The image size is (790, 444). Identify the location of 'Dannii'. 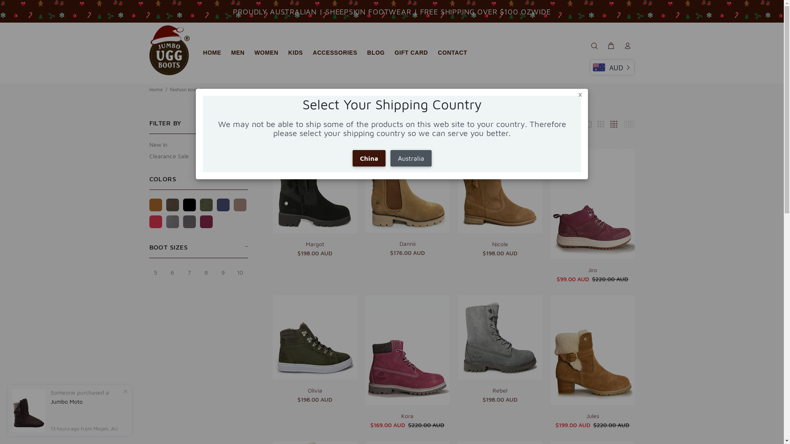
(407, 243).